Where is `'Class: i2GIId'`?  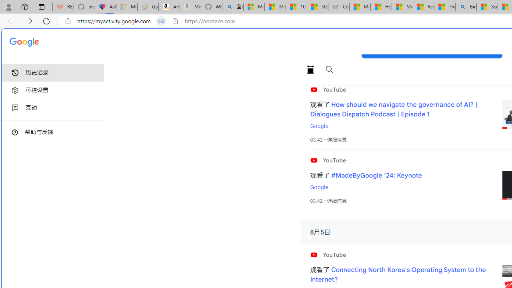
'Class: i2GIId' is located at coordinates (15, 108).